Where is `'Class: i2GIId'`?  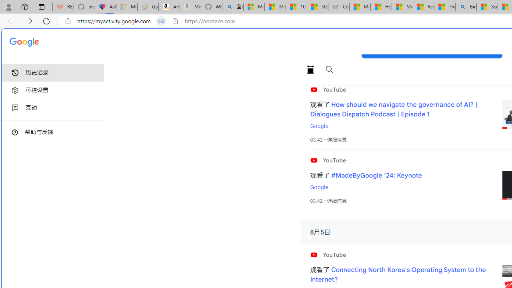
'Class: i2GIId' is located at coordinates (15, 108).